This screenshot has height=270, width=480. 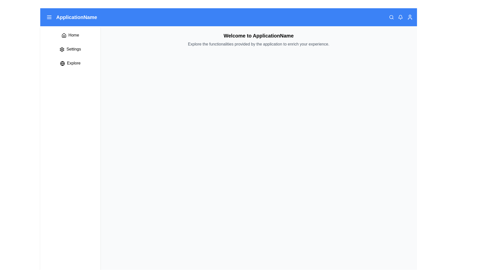 I want to click on the circle element of the 'Explore' menu item icon in the side navigation bar, so click(x=62, y=63).